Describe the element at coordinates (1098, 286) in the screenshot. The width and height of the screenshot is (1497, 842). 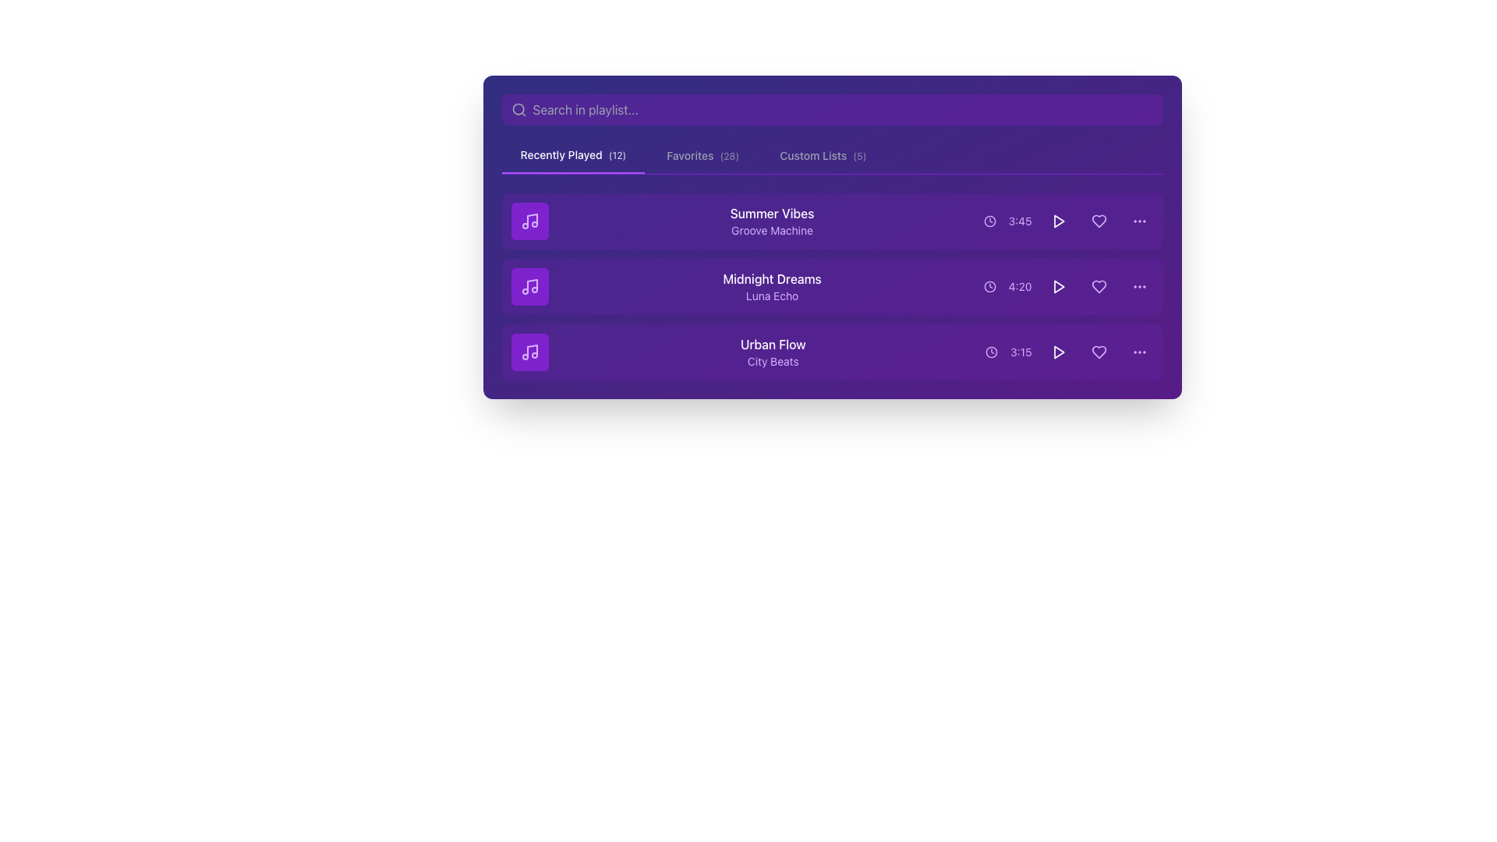
I see `the heart icon representing the 'favorite' action for the track 'Midnight Dreams'` at that location.